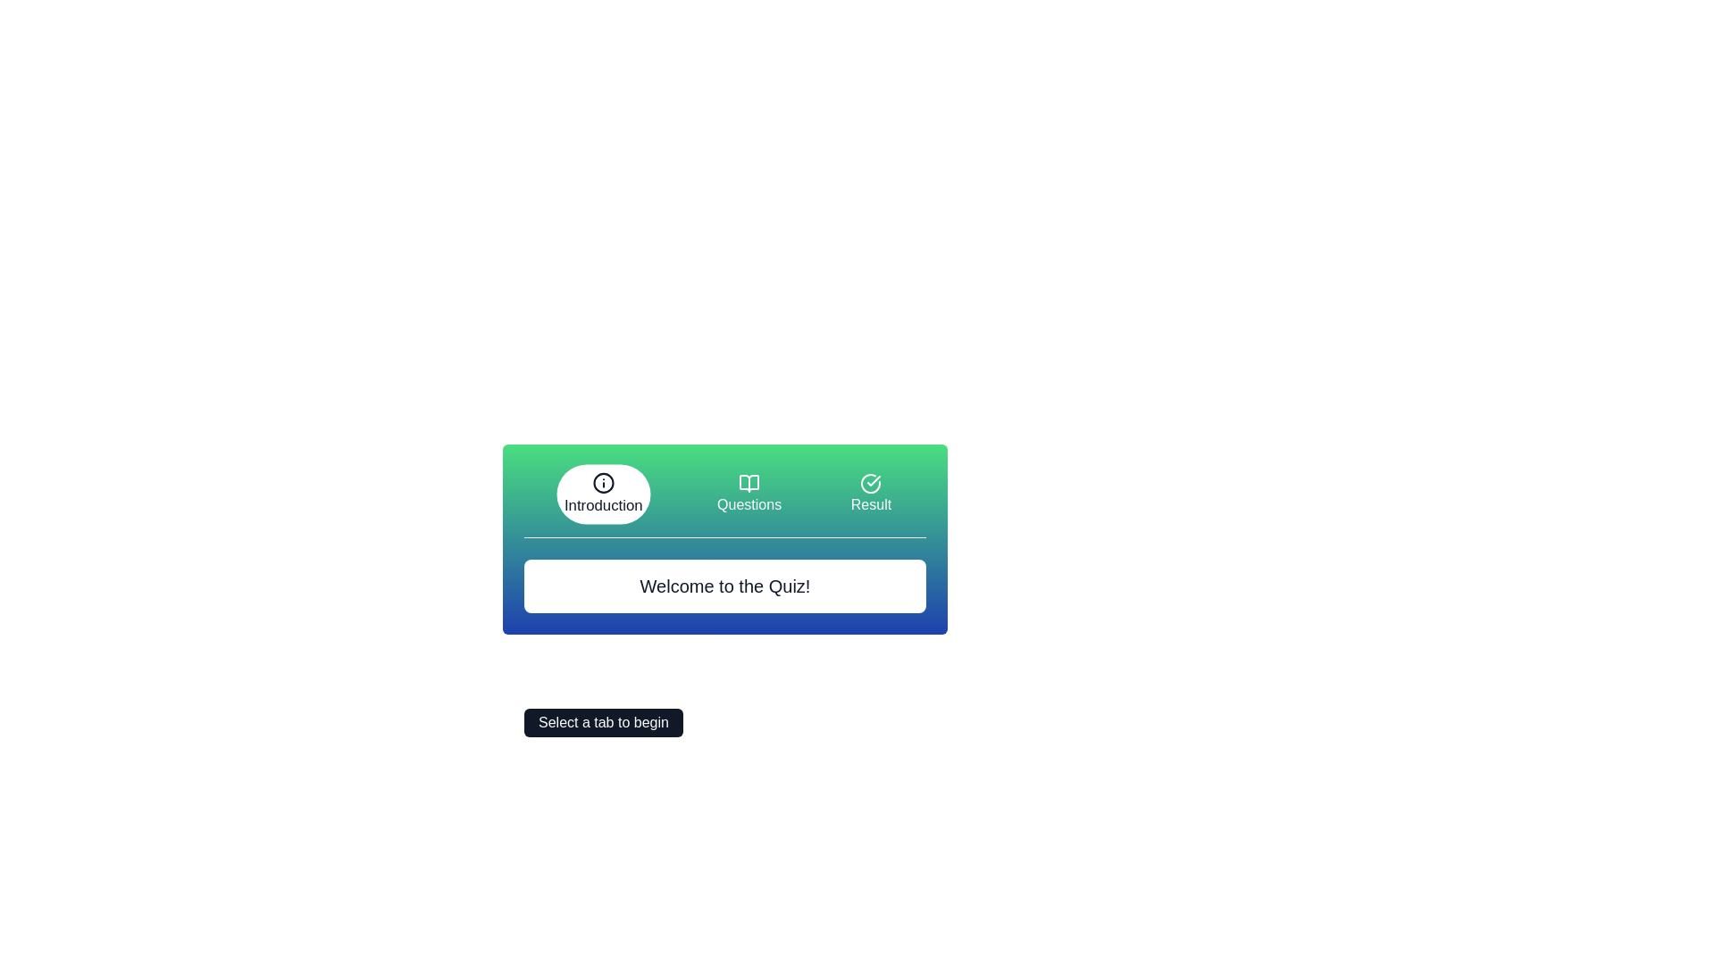  I want to click on the Result tab to display its content, so click(870, 494).